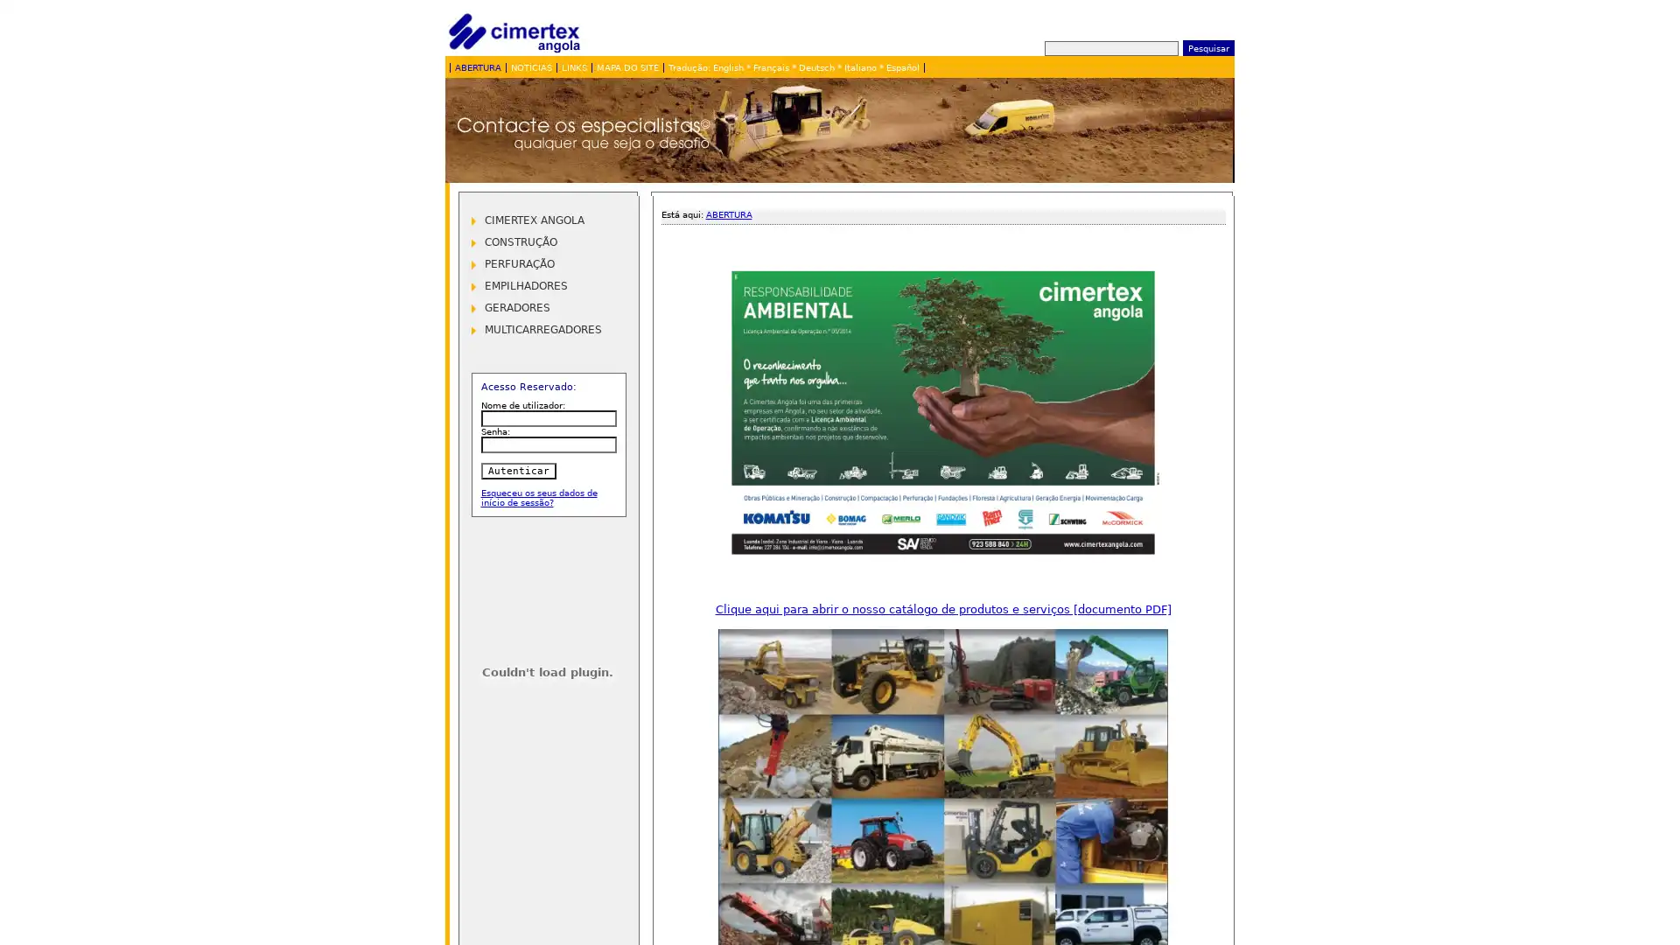 The width and height of the screenshot is (1680, 945). I want to click on Autenticar, so click(516, 470).